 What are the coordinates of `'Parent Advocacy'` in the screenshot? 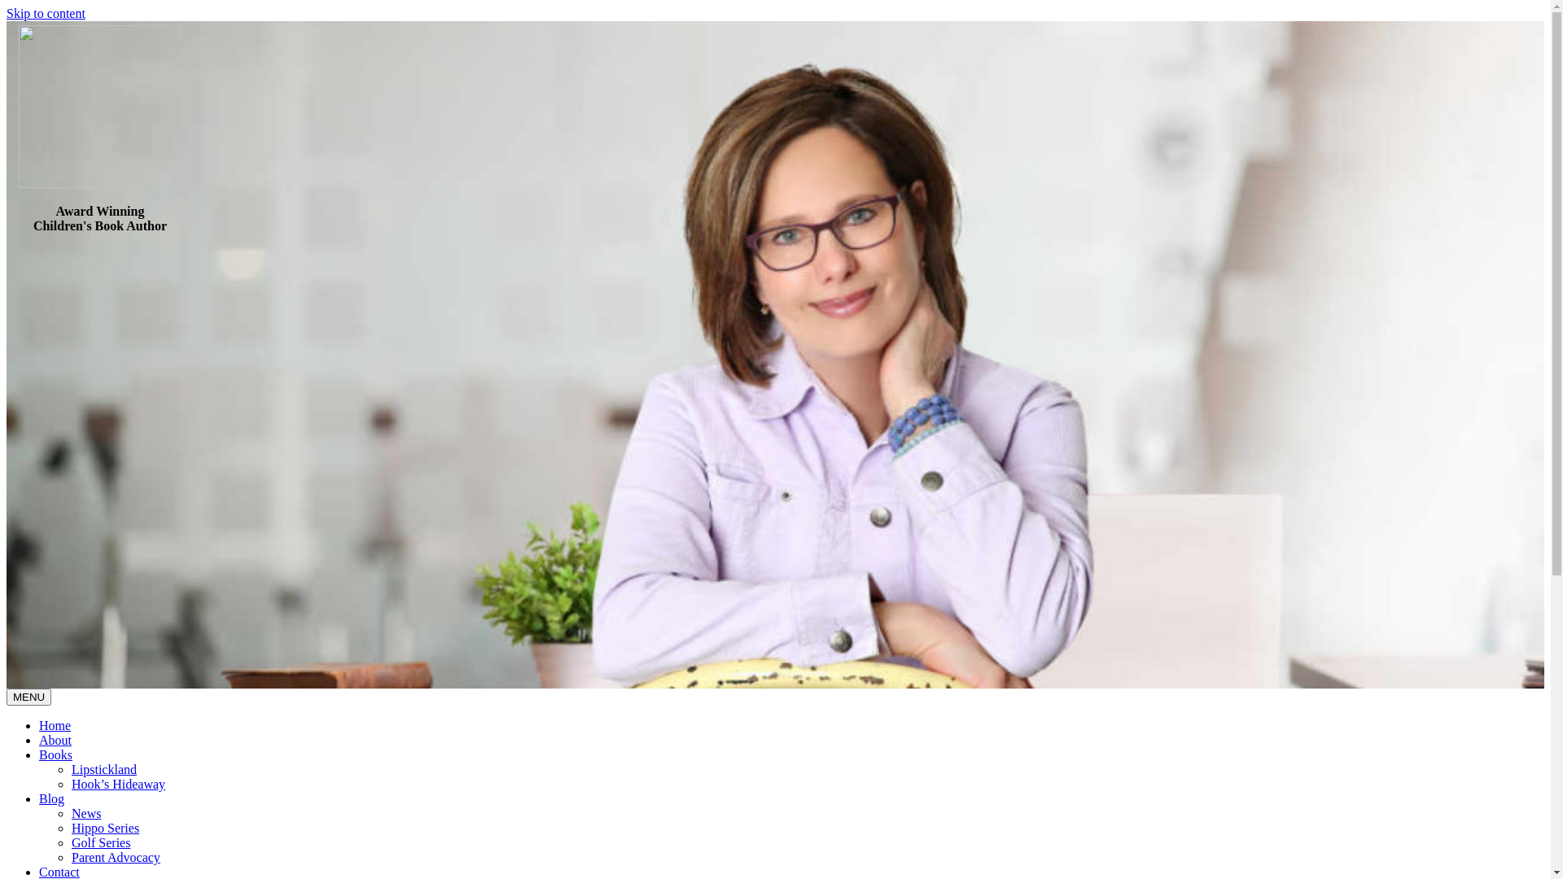 It's located at (115, 856).